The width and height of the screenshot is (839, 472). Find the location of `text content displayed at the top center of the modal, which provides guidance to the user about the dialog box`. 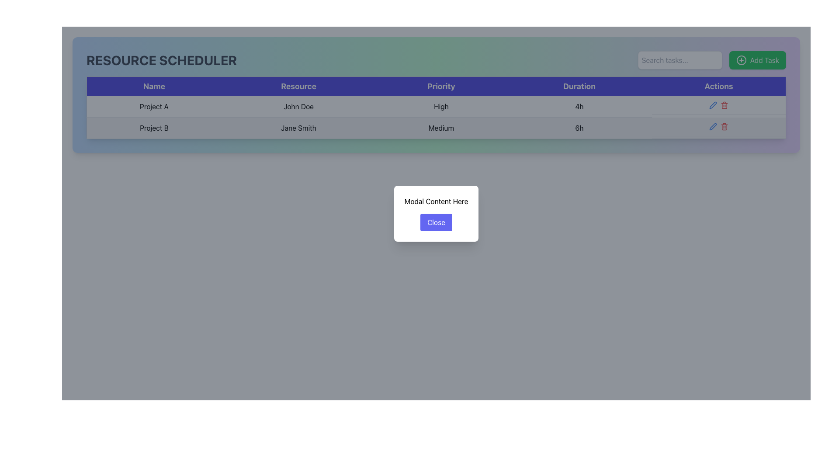

text content displayed at the top center of the modal, which provides guidance to the user about the dialog box is located at coordinates (436, 201).